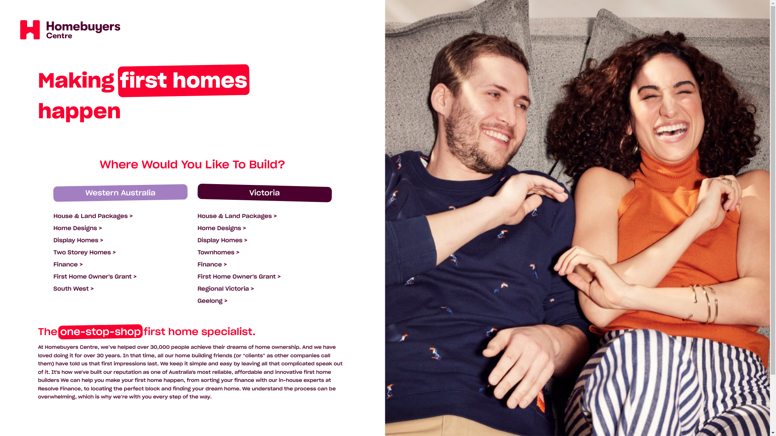 The height and width of the screenshot is (436, 776). What do you see at coordinates (84, 252) in the screenshot?
I see `'Two Storey Homes >'` at bounding box center [84, 252].